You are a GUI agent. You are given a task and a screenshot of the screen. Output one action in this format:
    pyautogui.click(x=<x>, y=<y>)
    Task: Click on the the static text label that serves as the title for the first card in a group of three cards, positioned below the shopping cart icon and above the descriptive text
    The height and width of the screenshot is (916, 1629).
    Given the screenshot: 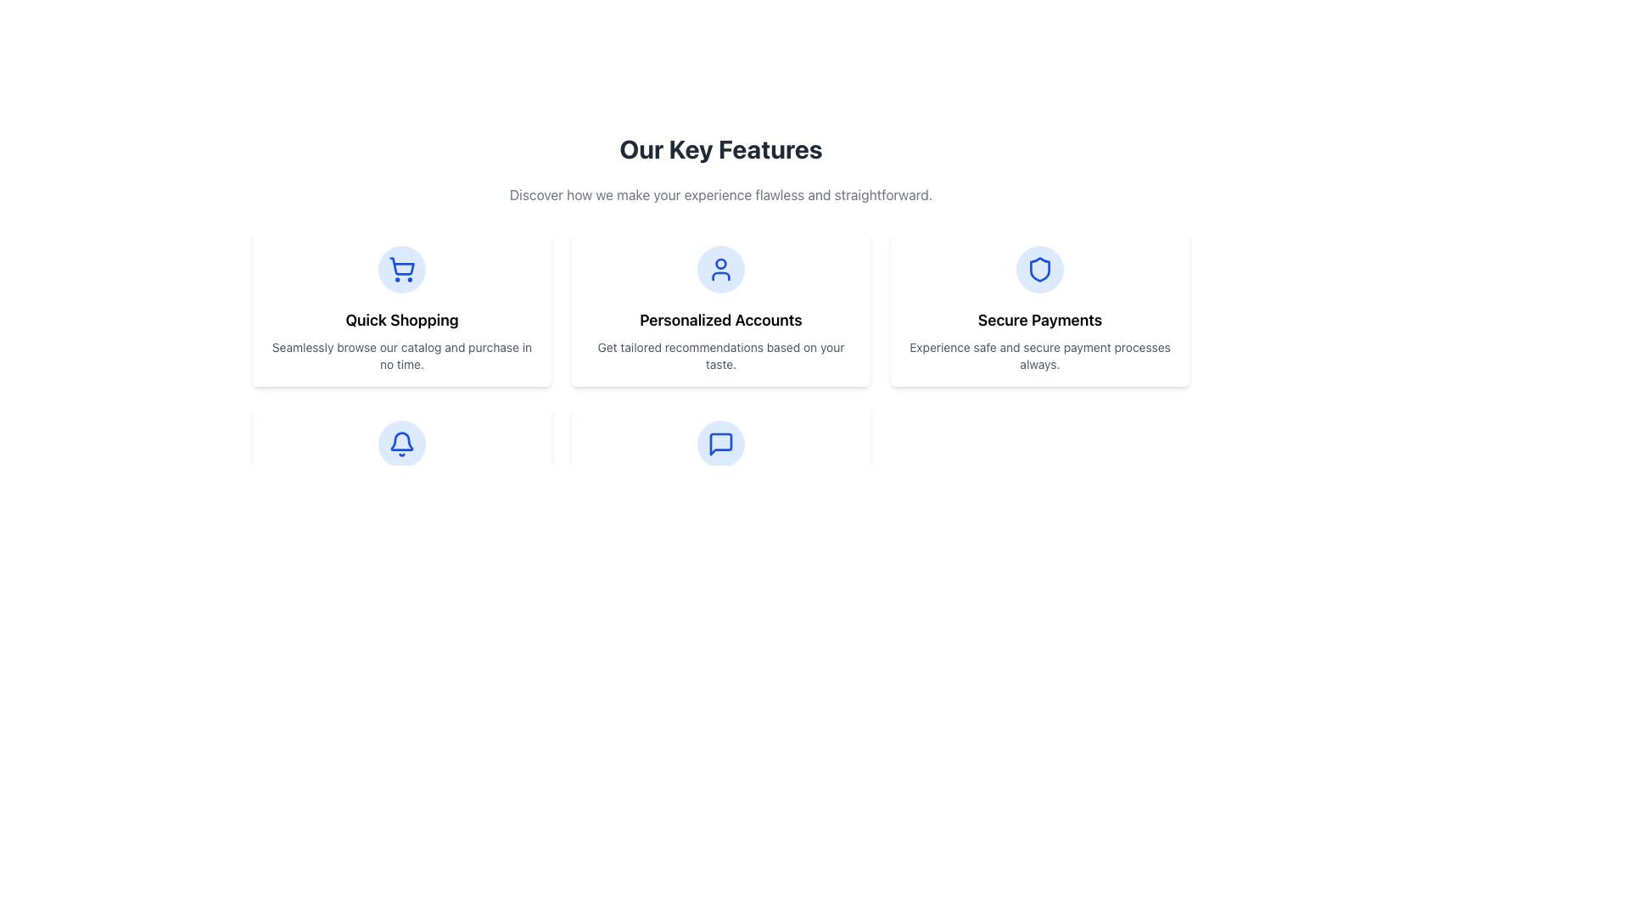 What is the action you would take?
    pyautogui.click(x=401, y=321)
    